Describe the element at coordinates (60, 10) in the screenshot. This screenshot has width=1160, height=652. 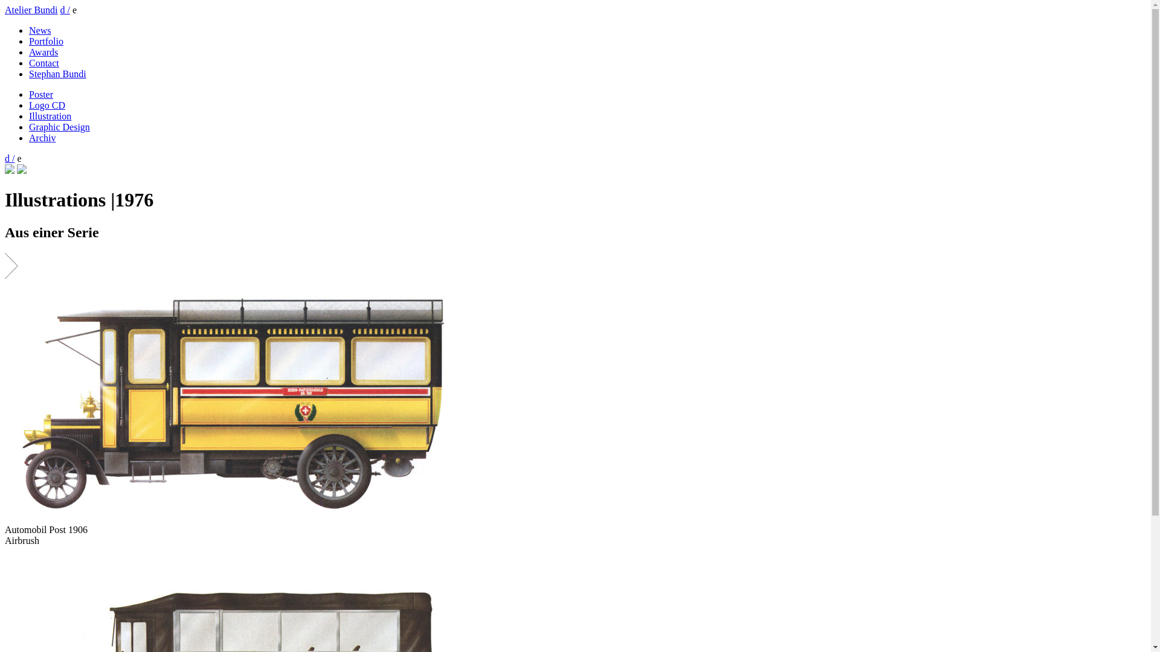
I see `'d /'` at that location.